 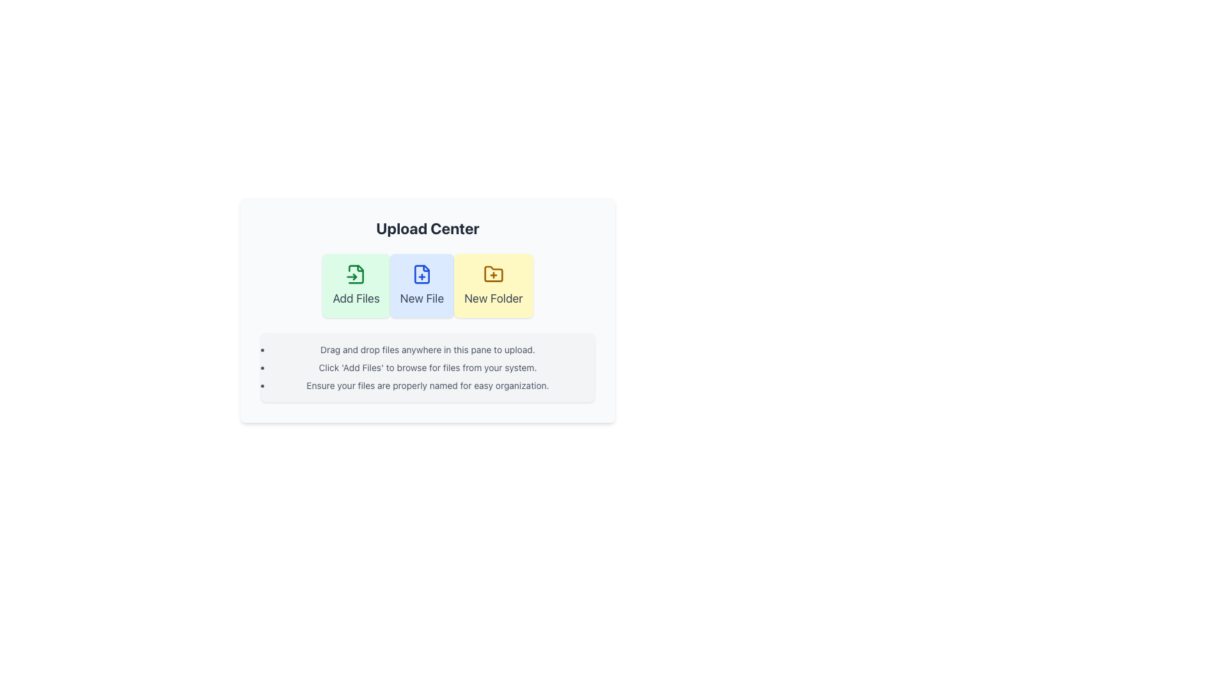 What do you see at coordinates (492, 273) in the screenshot?
I see `the yellow folder icon with a plus sign under the 'Upload Center' header` at bounding box center [492, 273].